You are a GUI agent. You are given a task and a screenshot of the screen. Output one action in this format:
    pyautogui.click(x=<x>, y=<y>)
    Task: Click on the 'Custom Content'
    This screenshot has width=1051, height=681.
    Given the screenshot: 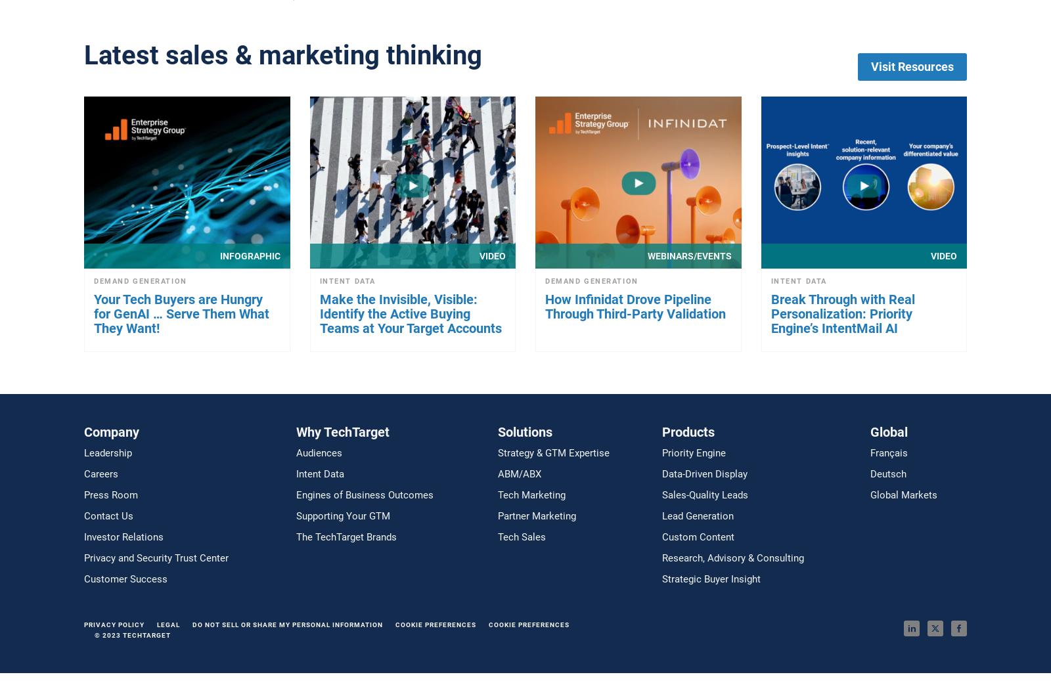 What is the action you would take?
    pyautogui.click(x=698, y=536)
    